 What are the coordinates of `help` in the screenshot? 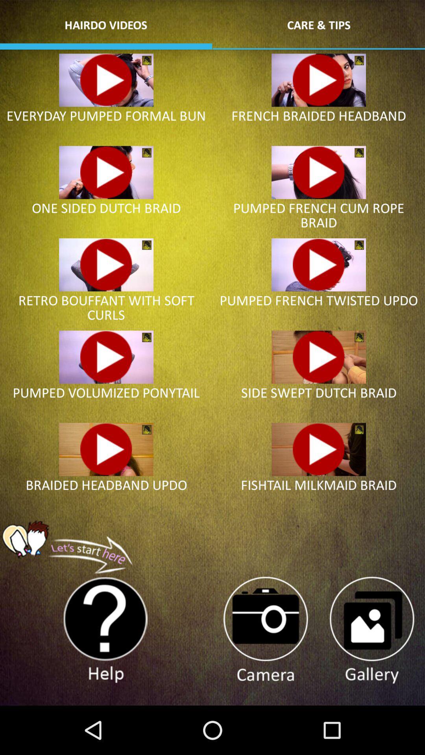 It's located at (105, 630).